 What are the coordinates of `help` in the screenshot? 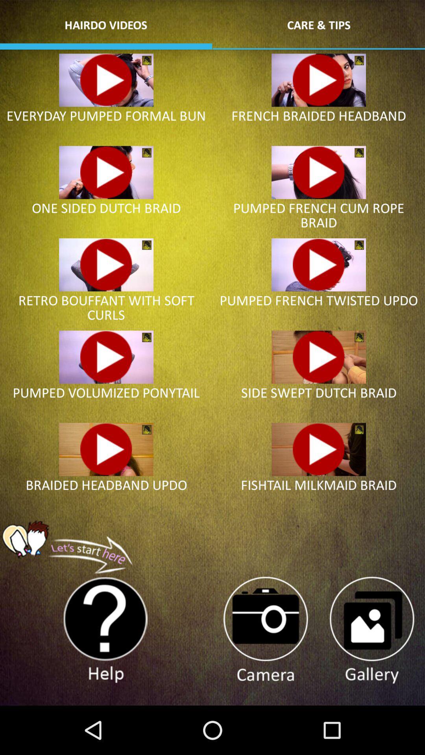 It's located at (105, 630).